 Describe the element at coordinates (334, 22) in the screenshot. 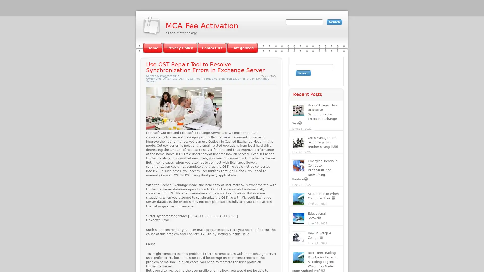

I see `Search` at that location.